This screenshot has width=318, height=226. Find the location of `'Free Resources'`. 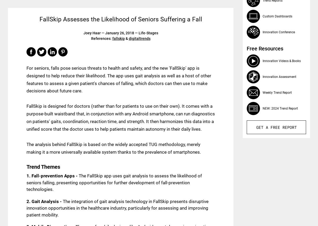

'Free Resources' is located at coordinates (265, 48).